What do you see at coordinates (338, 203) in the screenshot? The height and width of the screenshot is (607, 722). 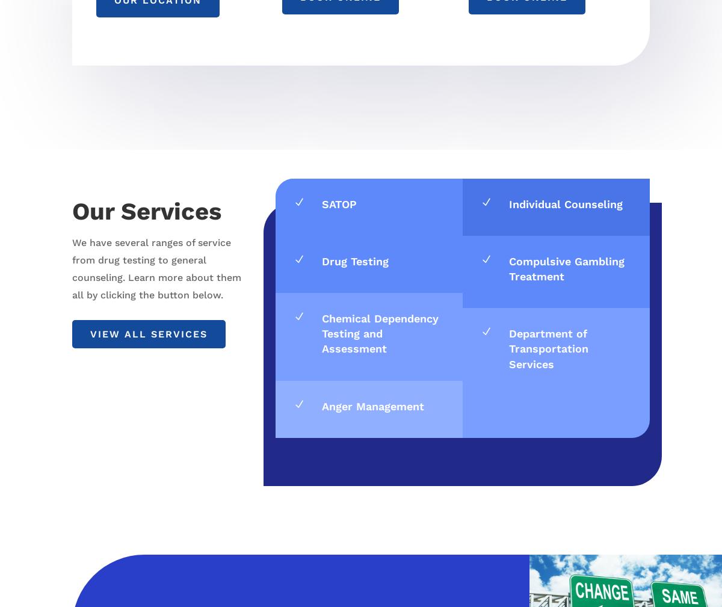 I see `'SATOP'` at bounding box center [338, 203].